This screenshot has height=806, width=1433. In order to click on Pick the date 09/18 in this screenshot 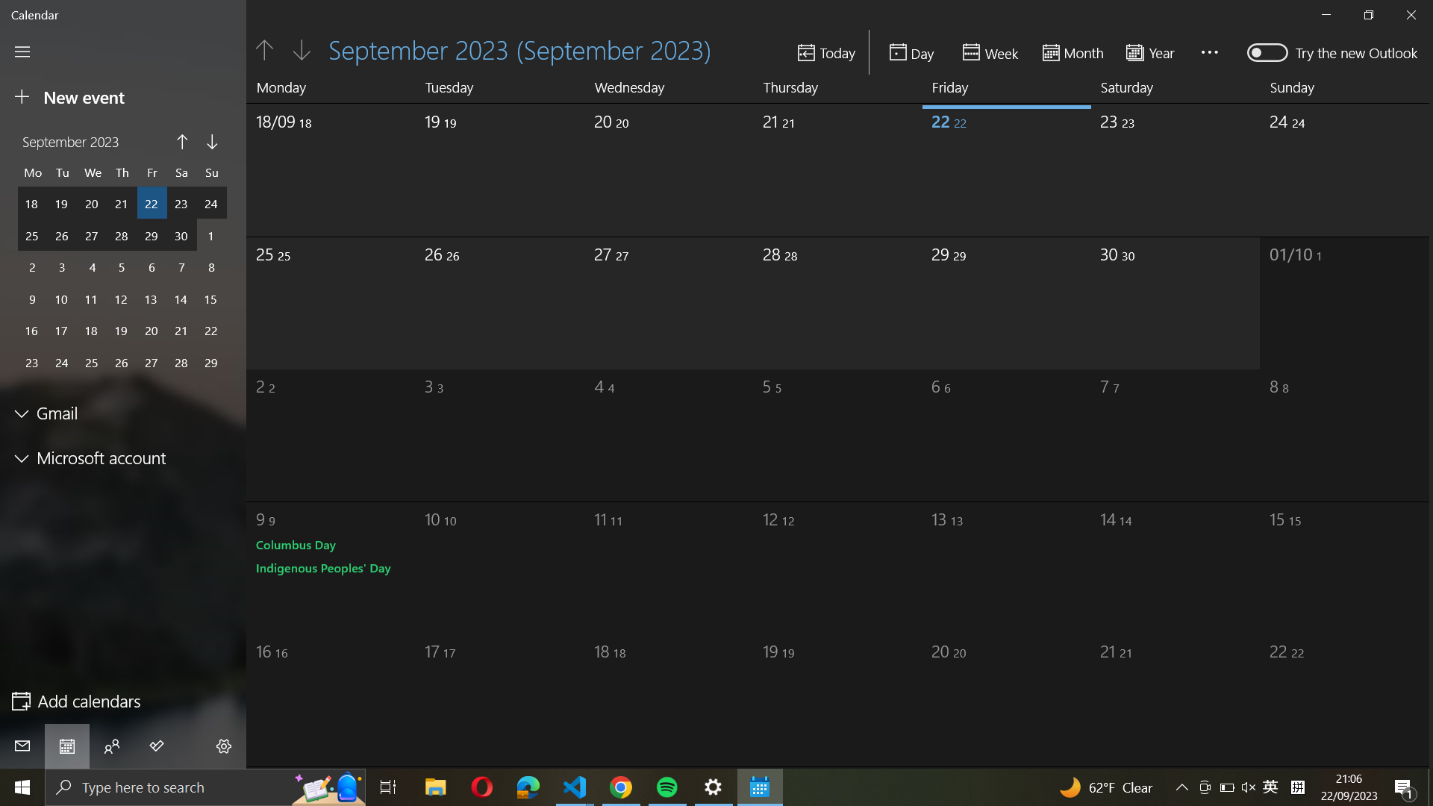, I will do `click(317, 164)`.